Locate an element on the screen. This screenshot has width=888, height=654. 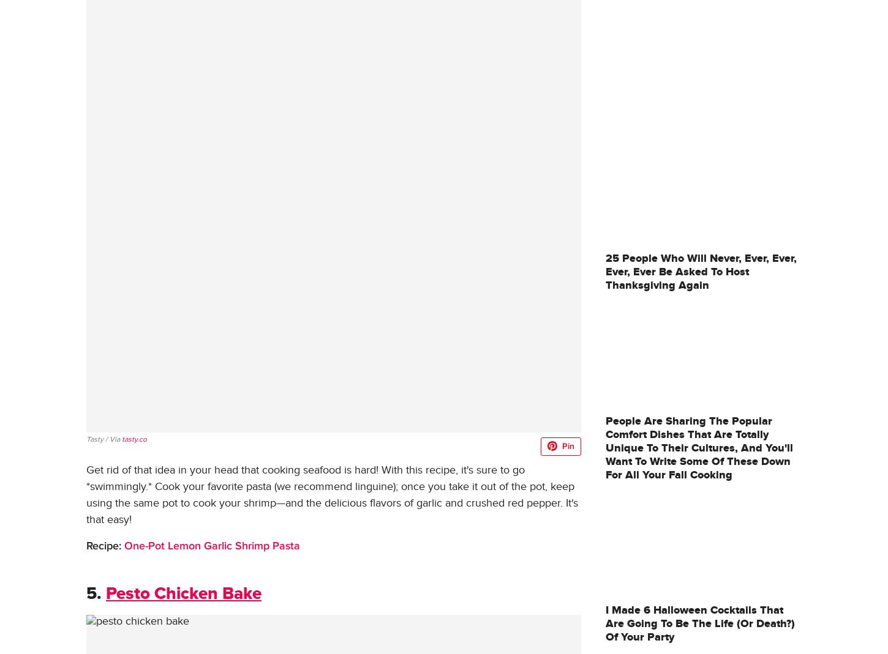
'One-Pot Lemon Garlic Shrimp Pasta' is located at coordinates (212, 544).